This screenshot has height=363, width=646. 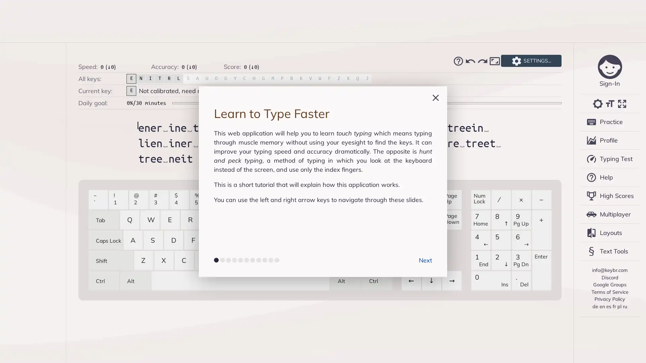 I want to click on Show a guided tour with help slides., so click(x=458, y=61).